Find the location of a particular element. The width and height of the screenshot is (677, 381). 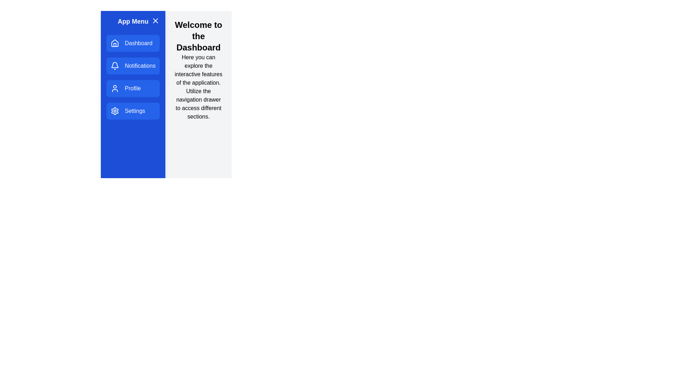

the 'Profile' button with a user icon in the vertical navigation menu is located at coordinates (133, 88).